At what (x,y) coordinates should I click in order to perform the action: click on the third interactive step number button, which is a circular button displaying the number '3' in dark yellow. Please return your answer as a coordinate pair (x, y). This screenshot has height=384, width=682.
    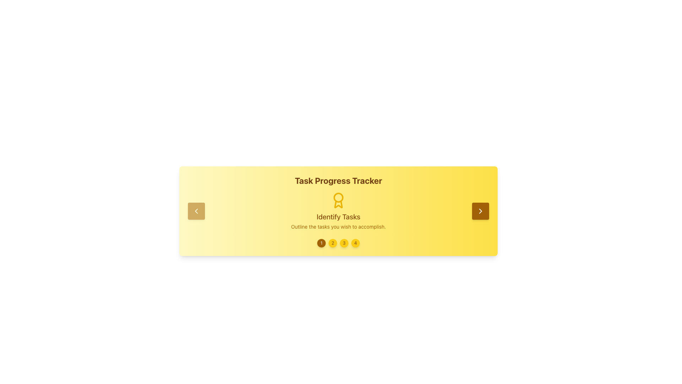
    Looking at the image, I should click on (338, 242).